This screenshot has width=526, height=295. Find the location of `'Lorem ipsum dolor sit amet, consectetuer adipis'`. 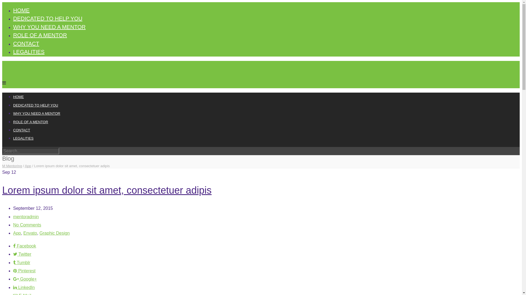

'Lorem ipsum dolor sit amet, consectetuer adipis' is located at coordinates (2, 190).